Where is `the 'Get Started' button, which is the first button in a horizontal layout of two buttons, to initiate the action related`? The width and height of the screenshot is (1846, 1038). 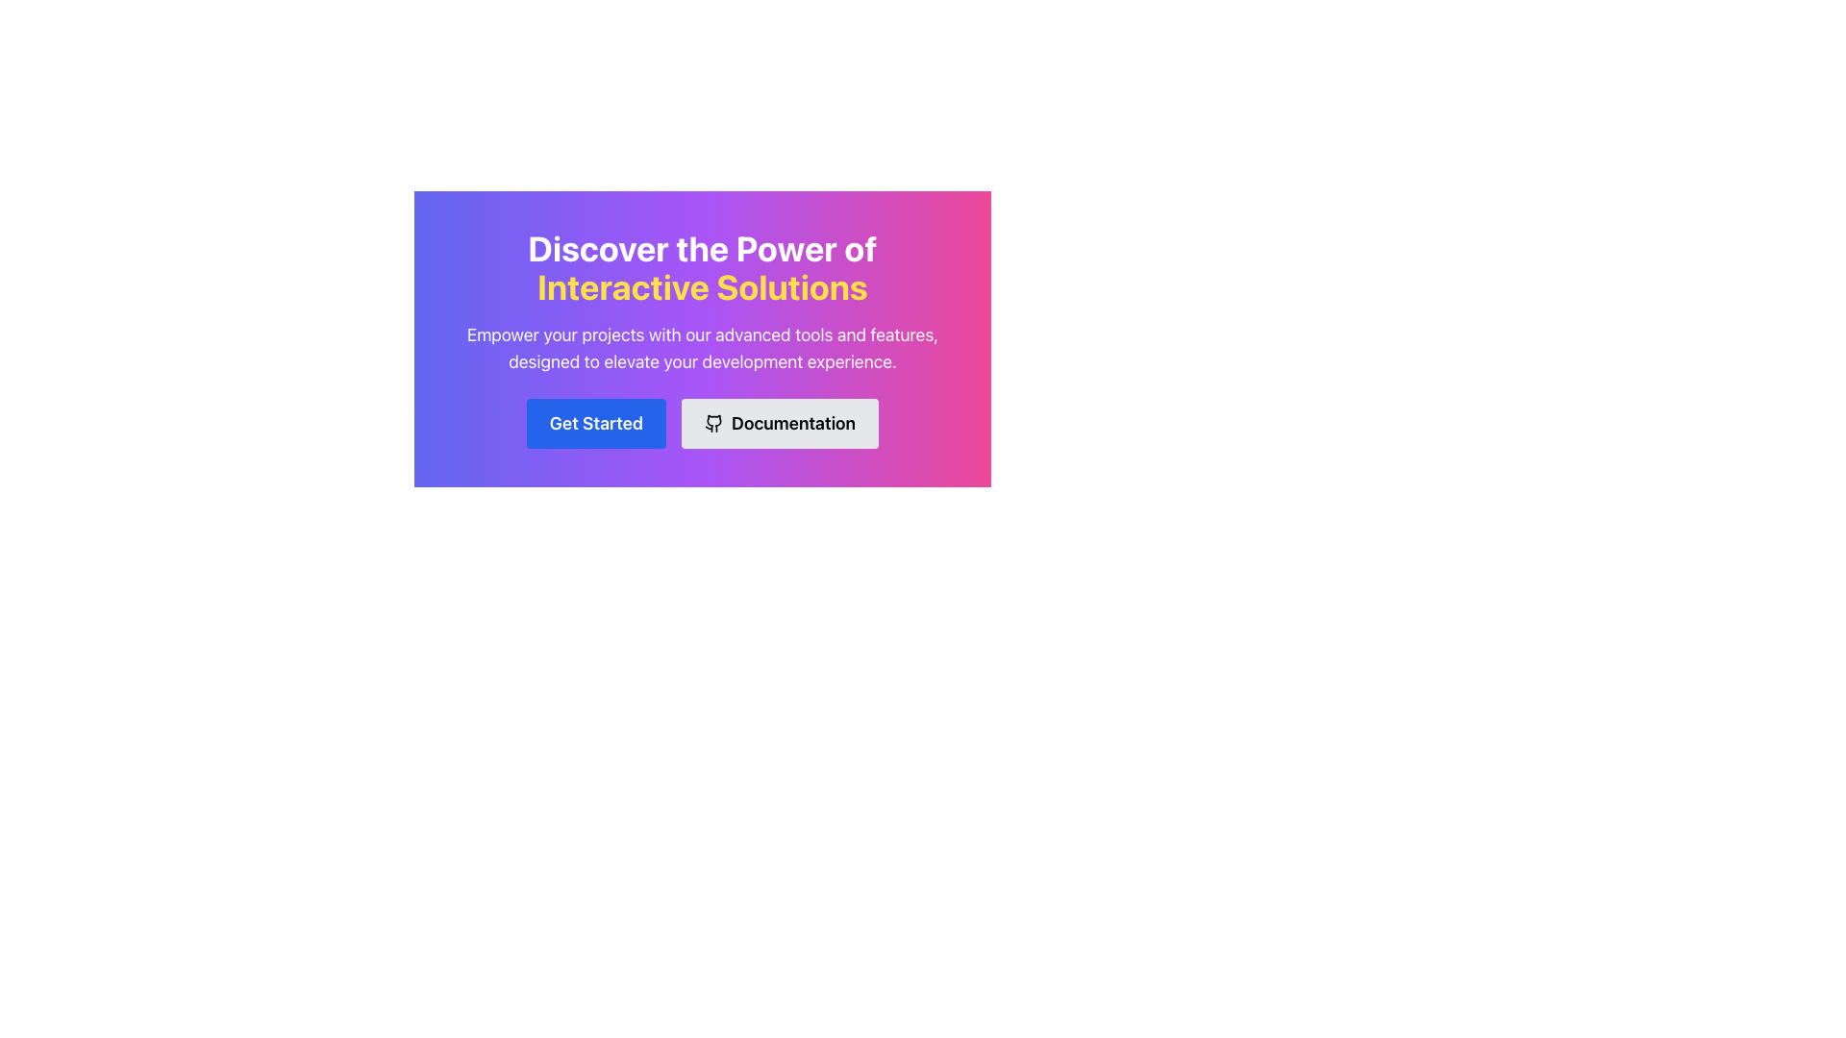 the 'Get Started' button, which is the first button in a horizontal layout of two buttons, to initiate the action related is located at coordinates (595, 422).